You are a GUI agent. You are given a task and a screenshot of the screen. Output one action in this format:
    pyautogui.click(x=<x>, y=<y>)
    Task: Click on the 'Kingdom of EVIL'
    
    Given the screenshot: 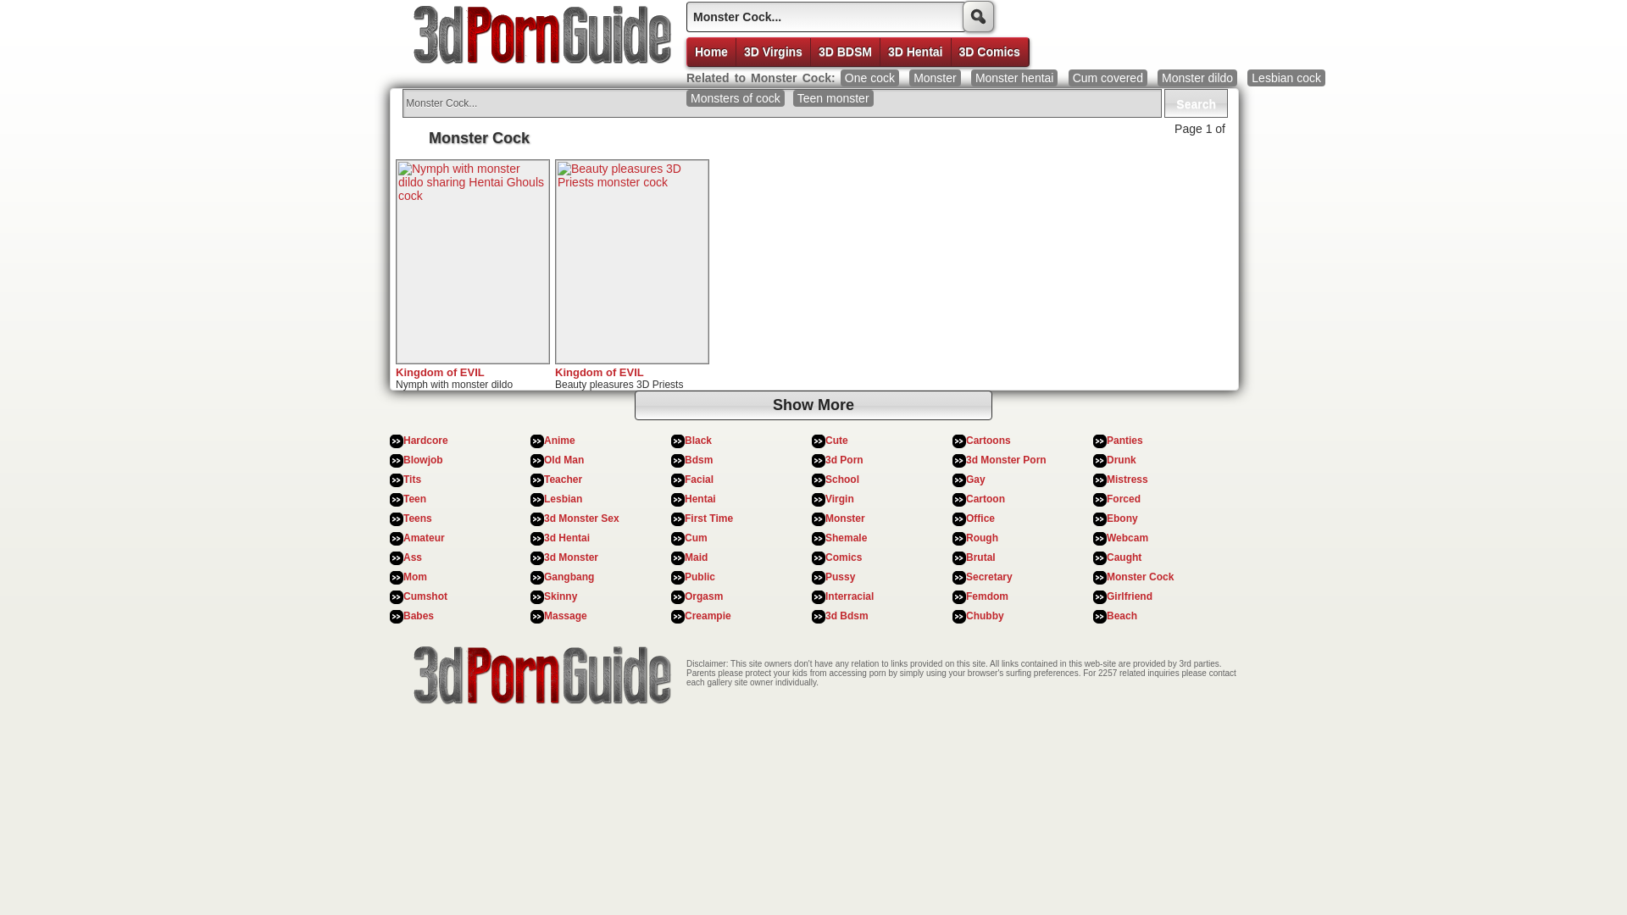 What is the action you would take?
    pyautogui.click(x=599, y=371)
    